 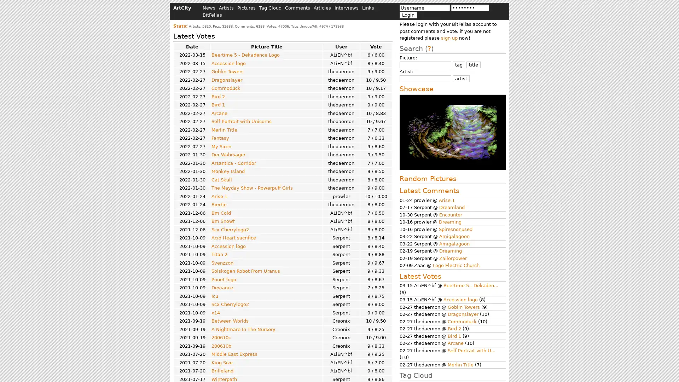 I want to click on title, so click(x=474, y=64).